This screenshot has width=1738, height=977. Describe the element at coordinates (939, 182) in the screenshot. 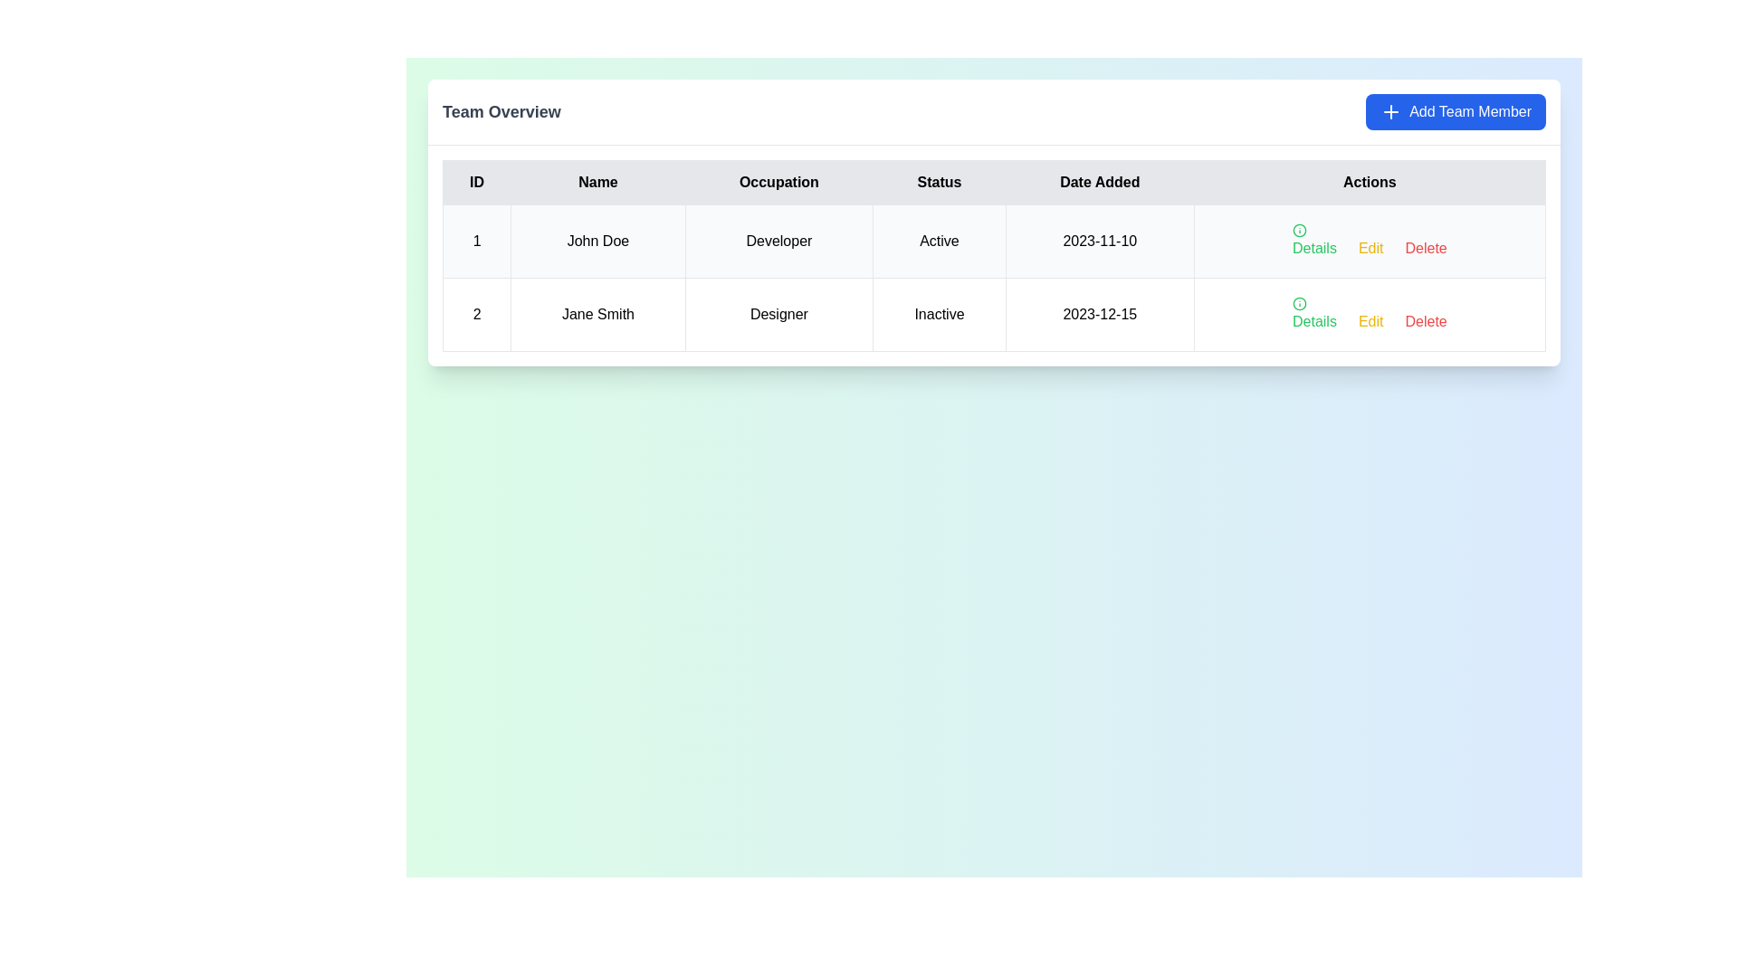

I see `the 'Status' label in the fourth column of the table header, which has a light gray background and bold black text` at that location.